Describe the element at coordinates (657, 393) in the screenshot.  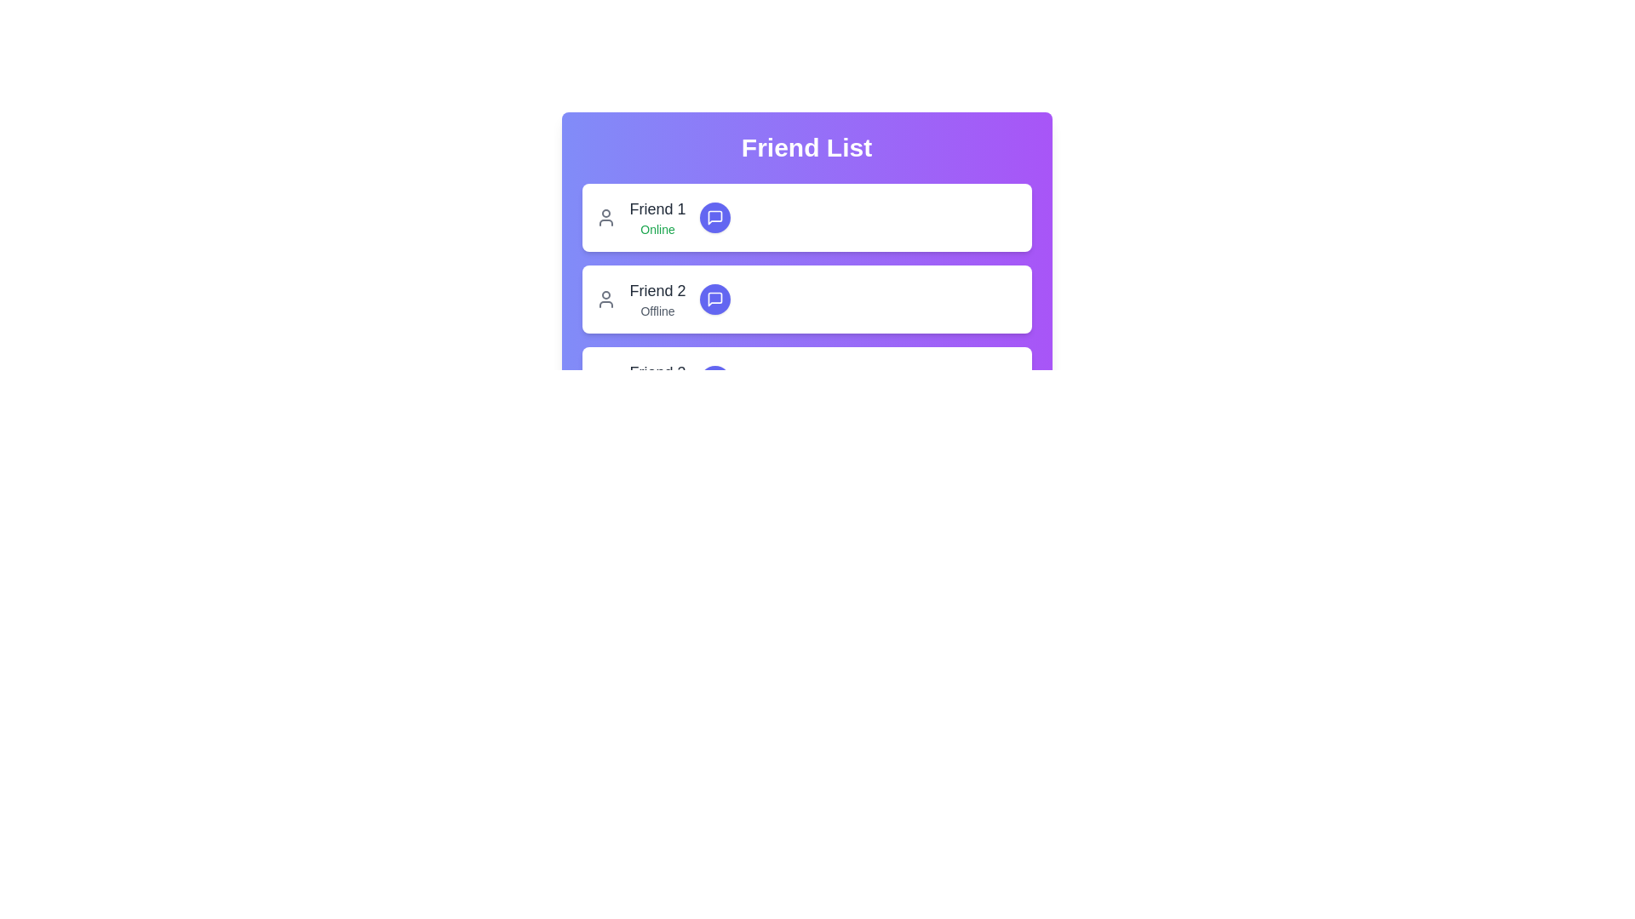
I see `the status indicator for 'Friend 3'` at that location.